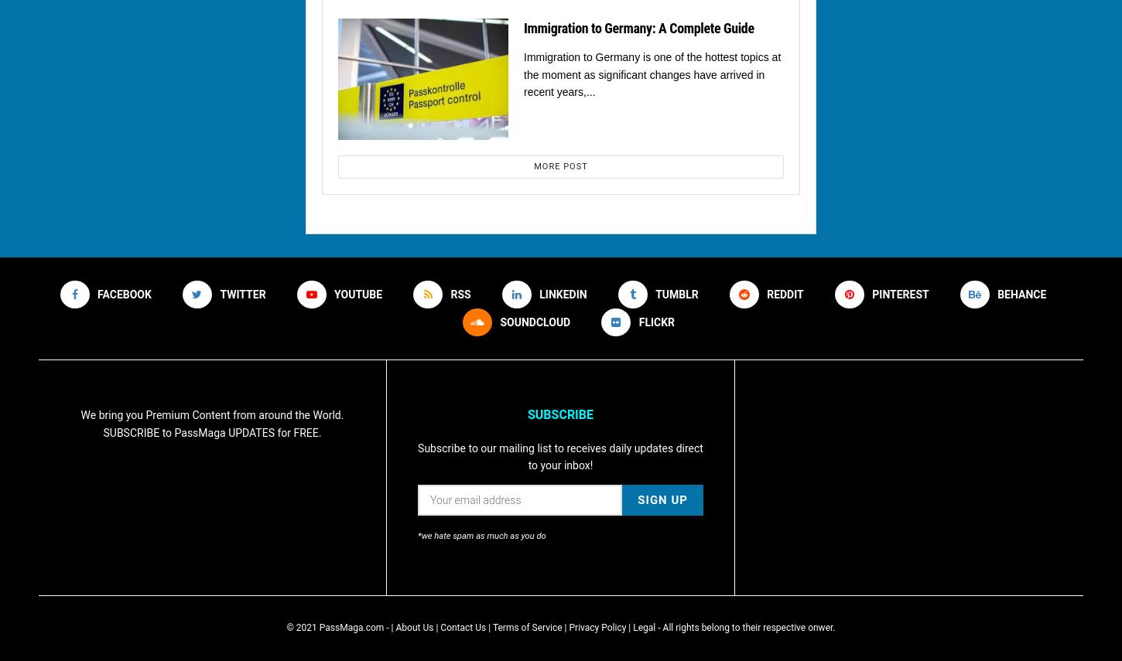 The image size is (1122, 661). What do you see at coordinates (357, 293) in the screenshot?
I see `'Youtube'` at bounding box center [357, 293].